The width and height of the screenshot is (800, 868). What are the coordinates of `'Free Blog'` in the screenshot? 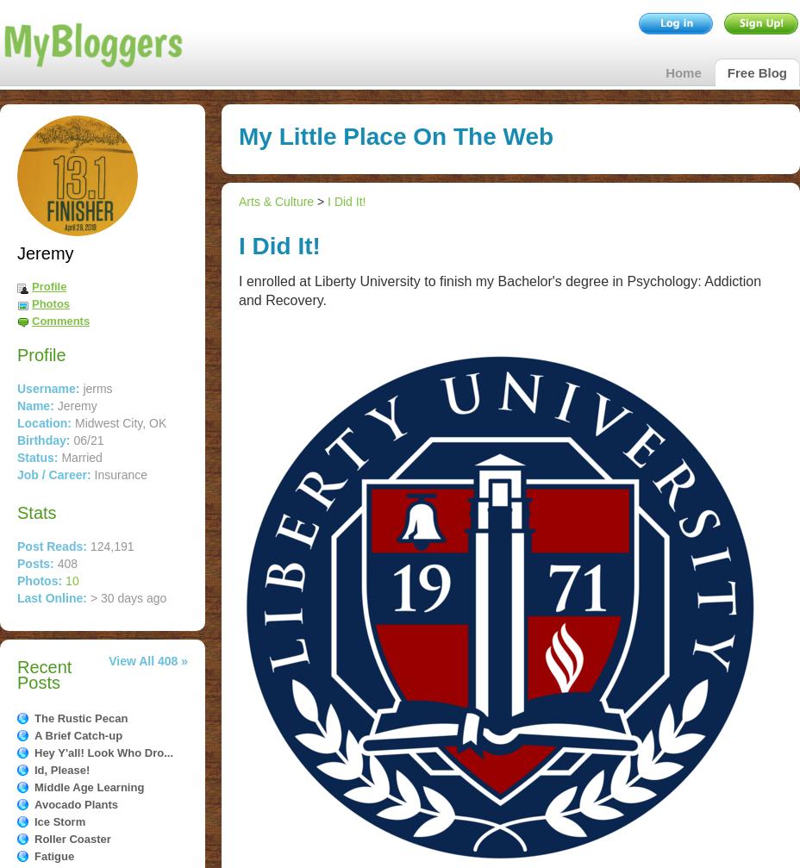 It's located at (756, 72).